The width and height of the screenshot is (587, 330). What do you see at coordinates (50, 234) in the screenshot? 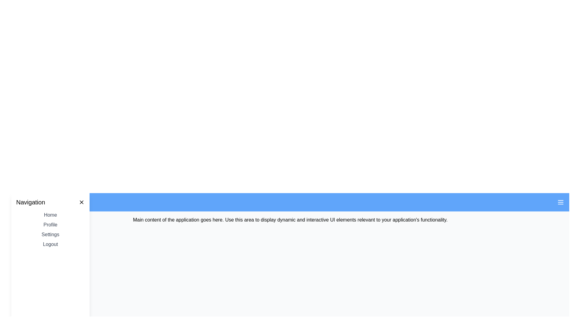
I see `the 'Settings' navigation link located in the left sidebar` at bounding box center [50, 234].